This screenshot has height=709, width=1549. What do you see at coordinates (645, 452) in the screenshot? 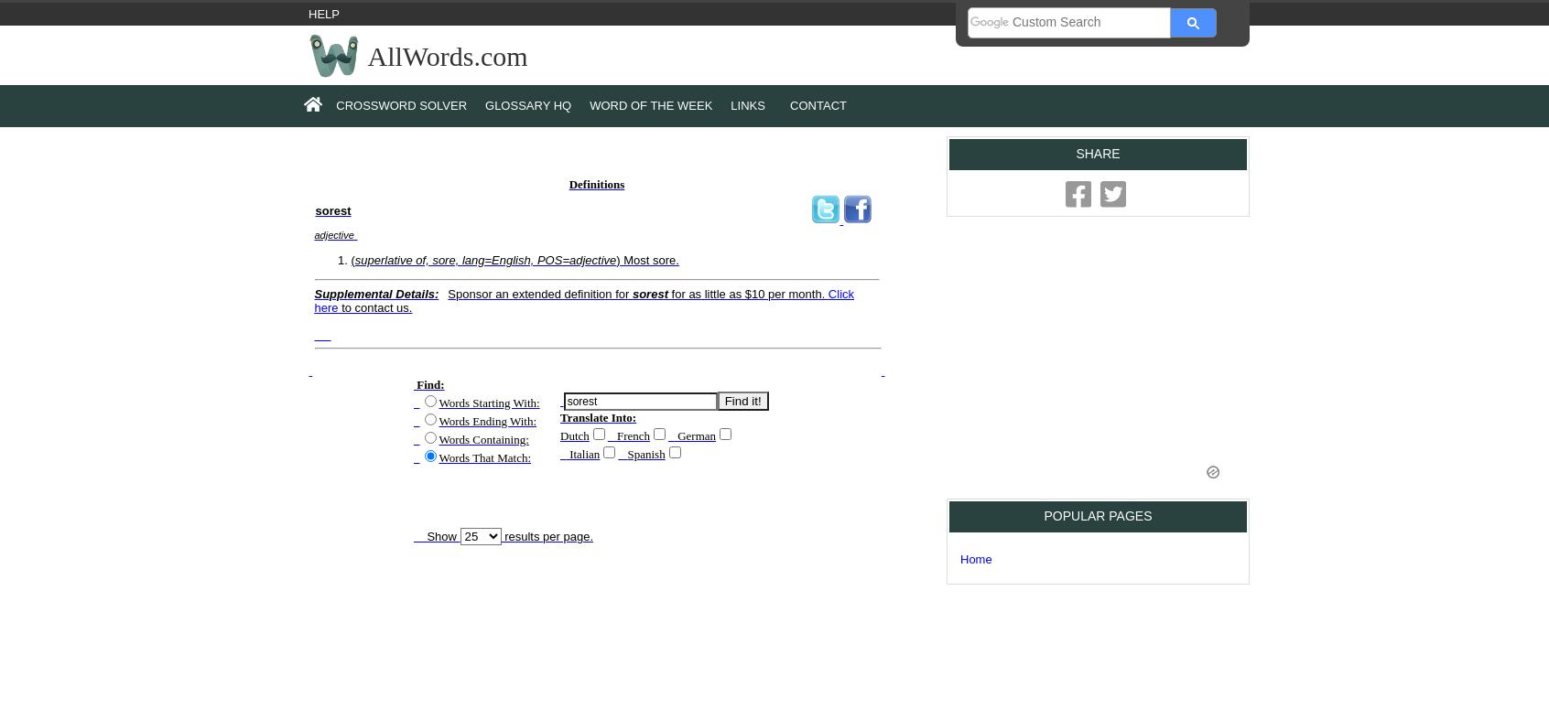
I see `'Spanish'` at bounding box center [645, 452].